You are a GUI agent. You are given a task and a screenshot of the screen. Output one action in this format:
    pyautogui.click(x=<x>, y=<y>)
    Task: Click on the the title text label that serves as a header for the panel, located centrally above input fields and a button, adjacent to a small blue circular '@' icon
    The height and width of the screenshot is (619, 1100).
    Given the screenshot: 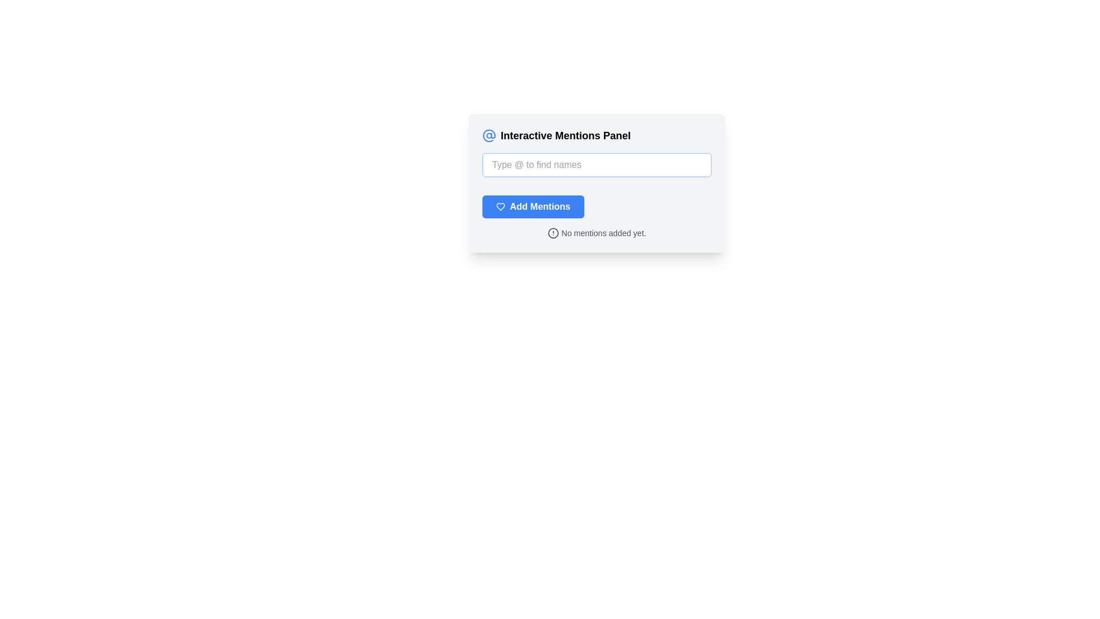 What is the action you would take?
    pyautogui.click(x=565, y=135)
    